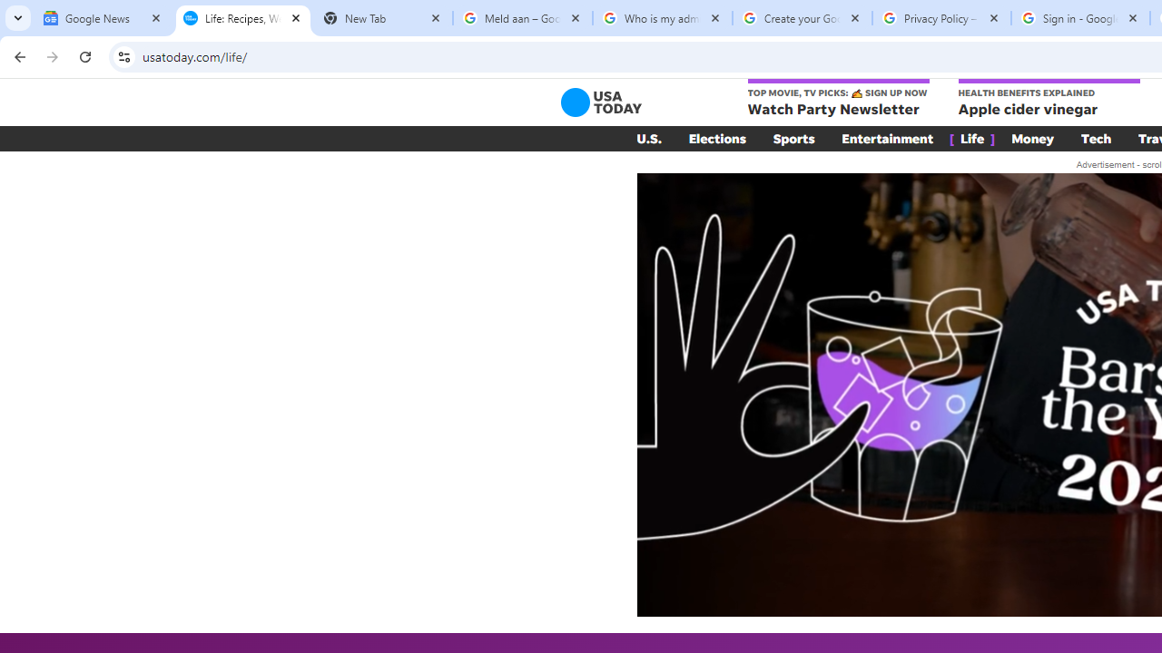 This screenshot has width=1162, height=653. Describe the element at coordinates (1095, 138) in the screenshot. I see `'Tech'` at that location.